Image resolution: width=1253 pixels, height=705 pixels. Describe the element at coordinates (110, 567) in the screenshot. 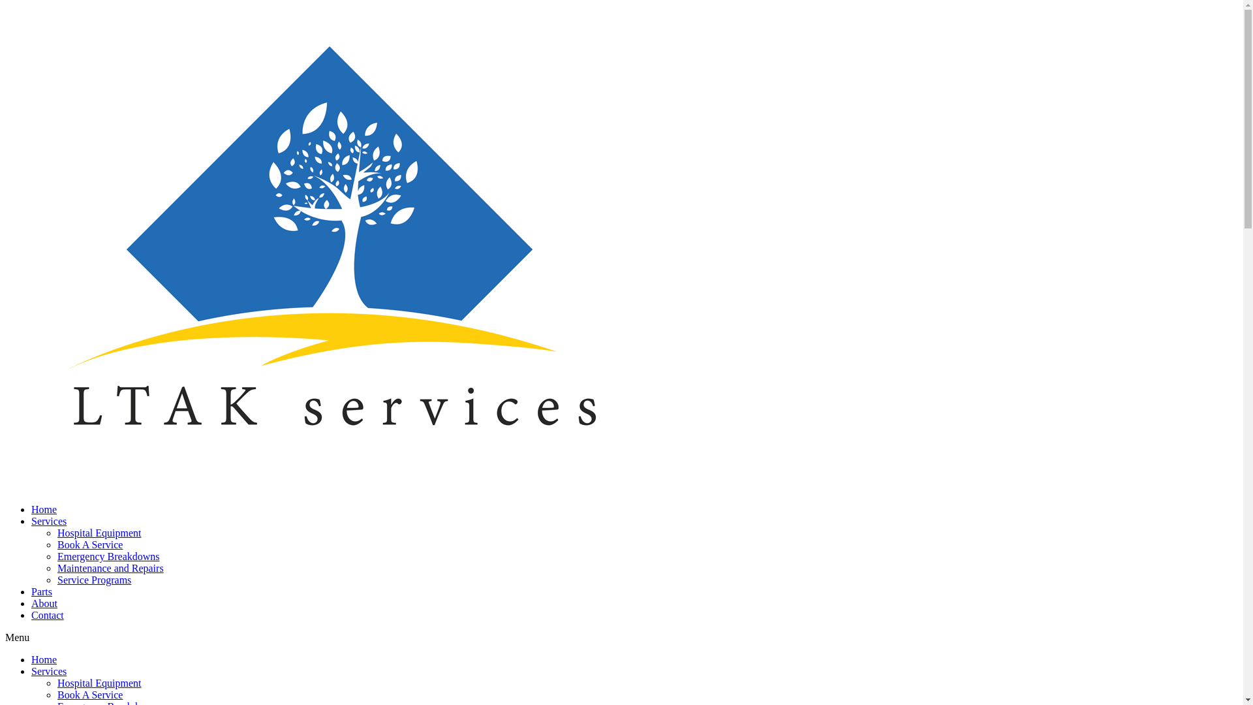

I see `'Maintenance and Repairs'` at that location.